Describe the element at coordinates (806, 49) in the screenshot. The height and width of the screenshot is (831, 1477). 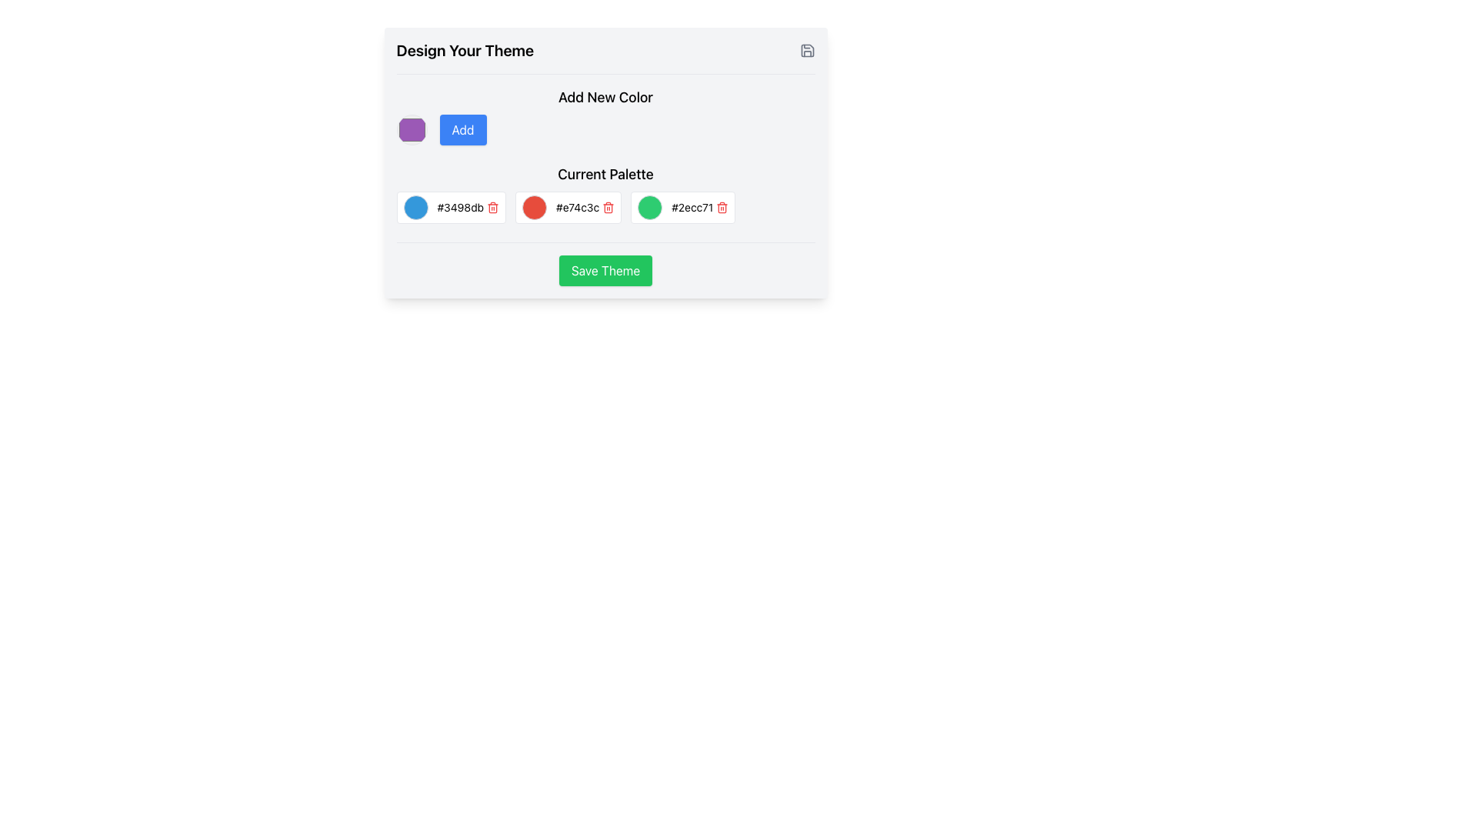
I see `'save' icon located at the top-right corner of the 'Design Your Theme' dialog box` at that location.